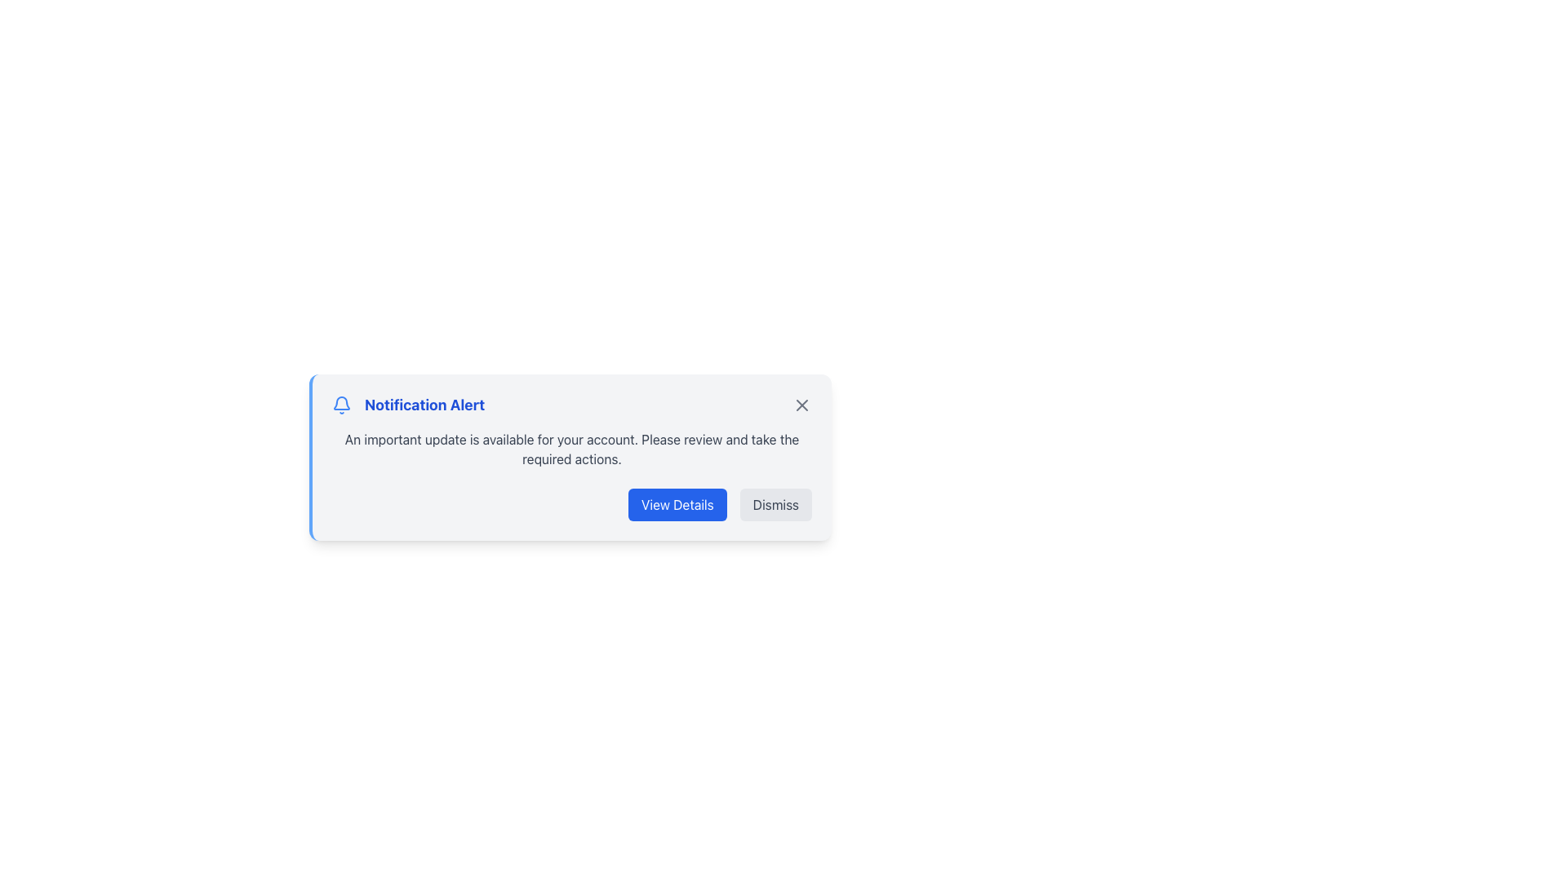 The image size is (1567, 881). What do you see at coordinates (802, 405) in the screenshot?
I see `the gray 'X' button in the top-right corner of the notification card` at bounding box center [802, 405].